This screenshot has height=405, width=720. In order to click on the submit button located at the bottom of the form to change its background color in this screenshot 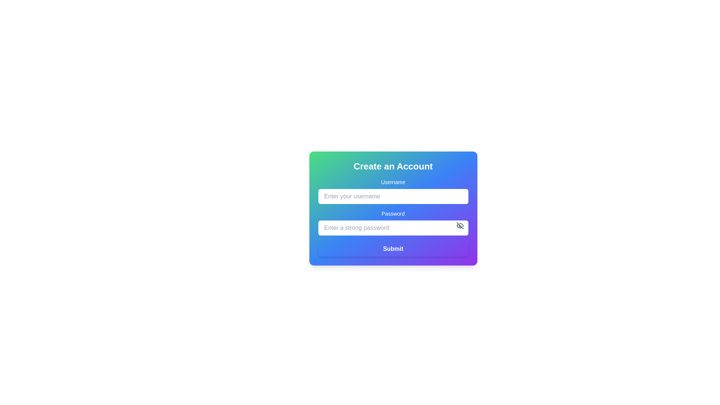, I will do `click(393, 249)`.